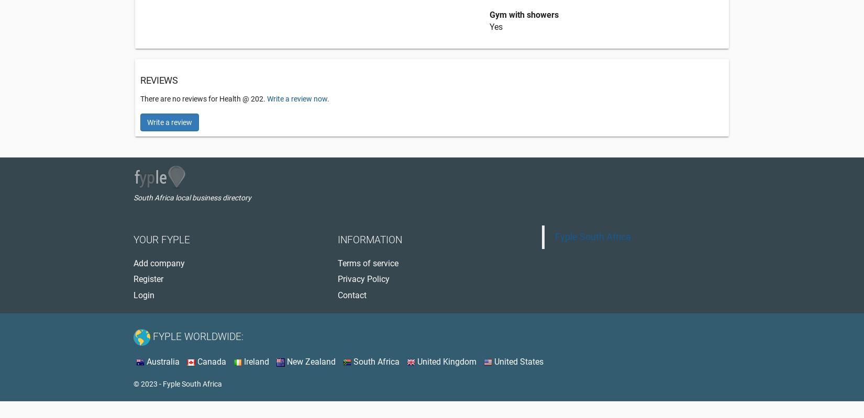 The width and height of the screenshot is (864, 418). I want to click on 'United Kingdom', so click(414, 361).